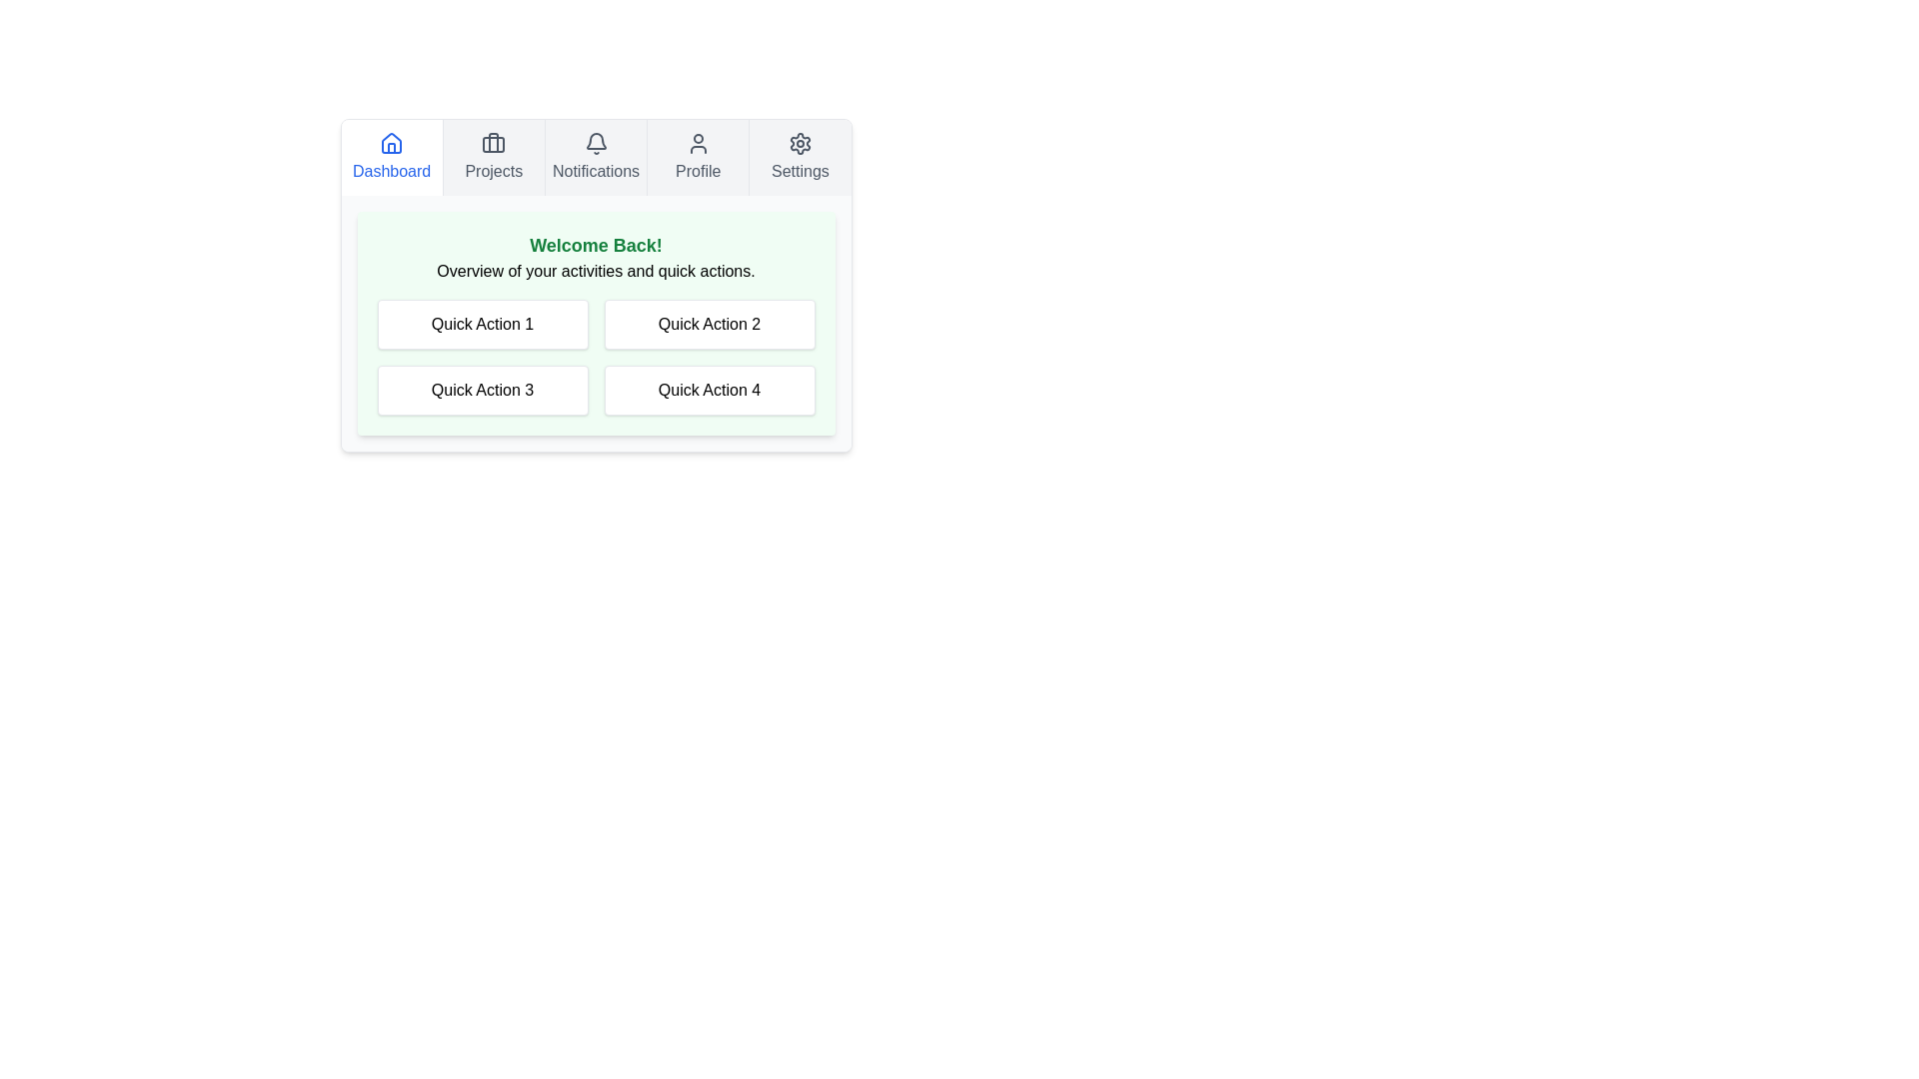 The height and width of the screenshot is (1079, 1919). Describe the element at coordinates (710, 323) in the screenshot. I see `the 'Quick Action 2' button, which is a rectangular button with the text 'Quick Action 2' displayed in a darker color against a light background` at that location.